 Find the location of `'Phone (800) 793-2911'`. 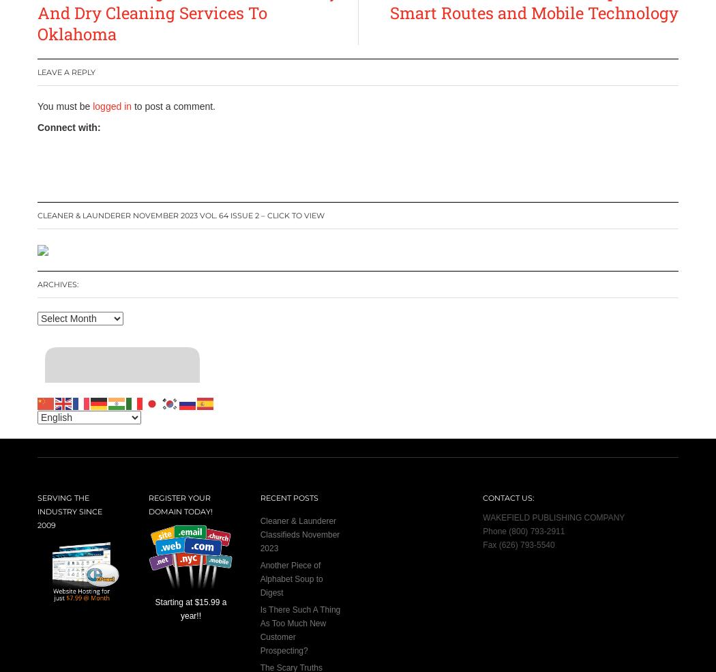

'Phone (800) 793-2911' is located at coordinates (523, 530).